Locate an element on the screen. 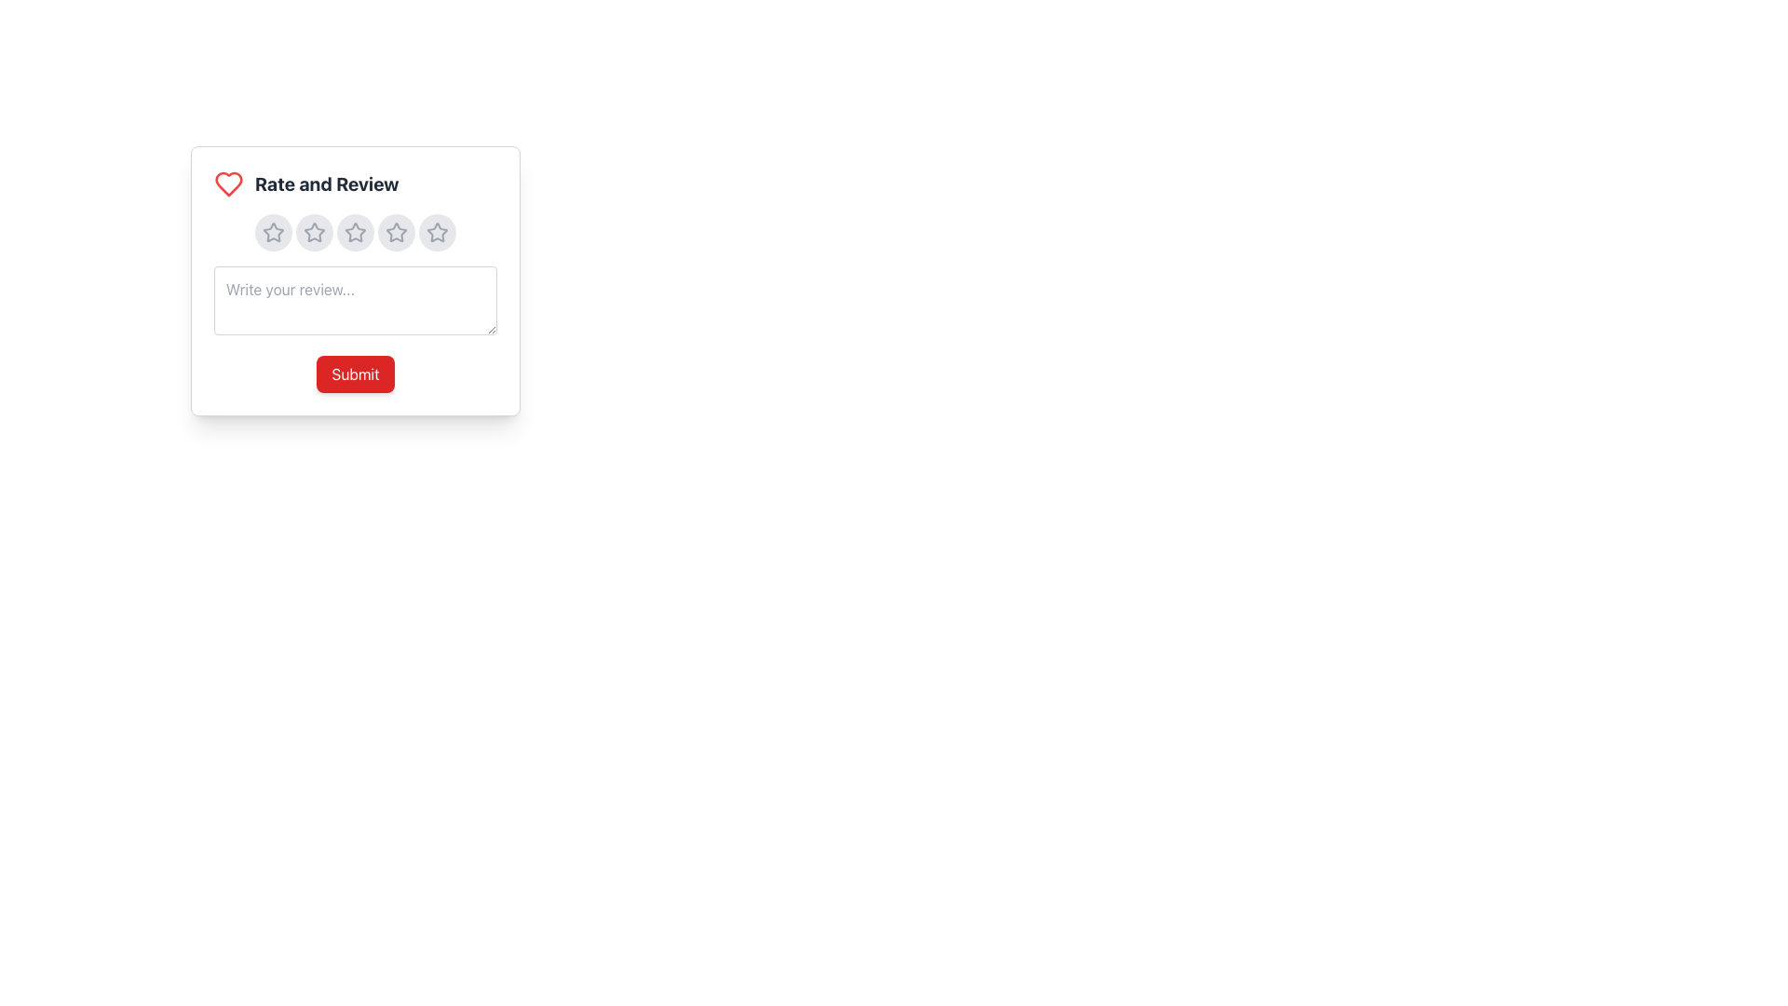 This screenshot has height=1006, width=1788. the first star icon in the row of five stars is located at coordinates (272, 232).